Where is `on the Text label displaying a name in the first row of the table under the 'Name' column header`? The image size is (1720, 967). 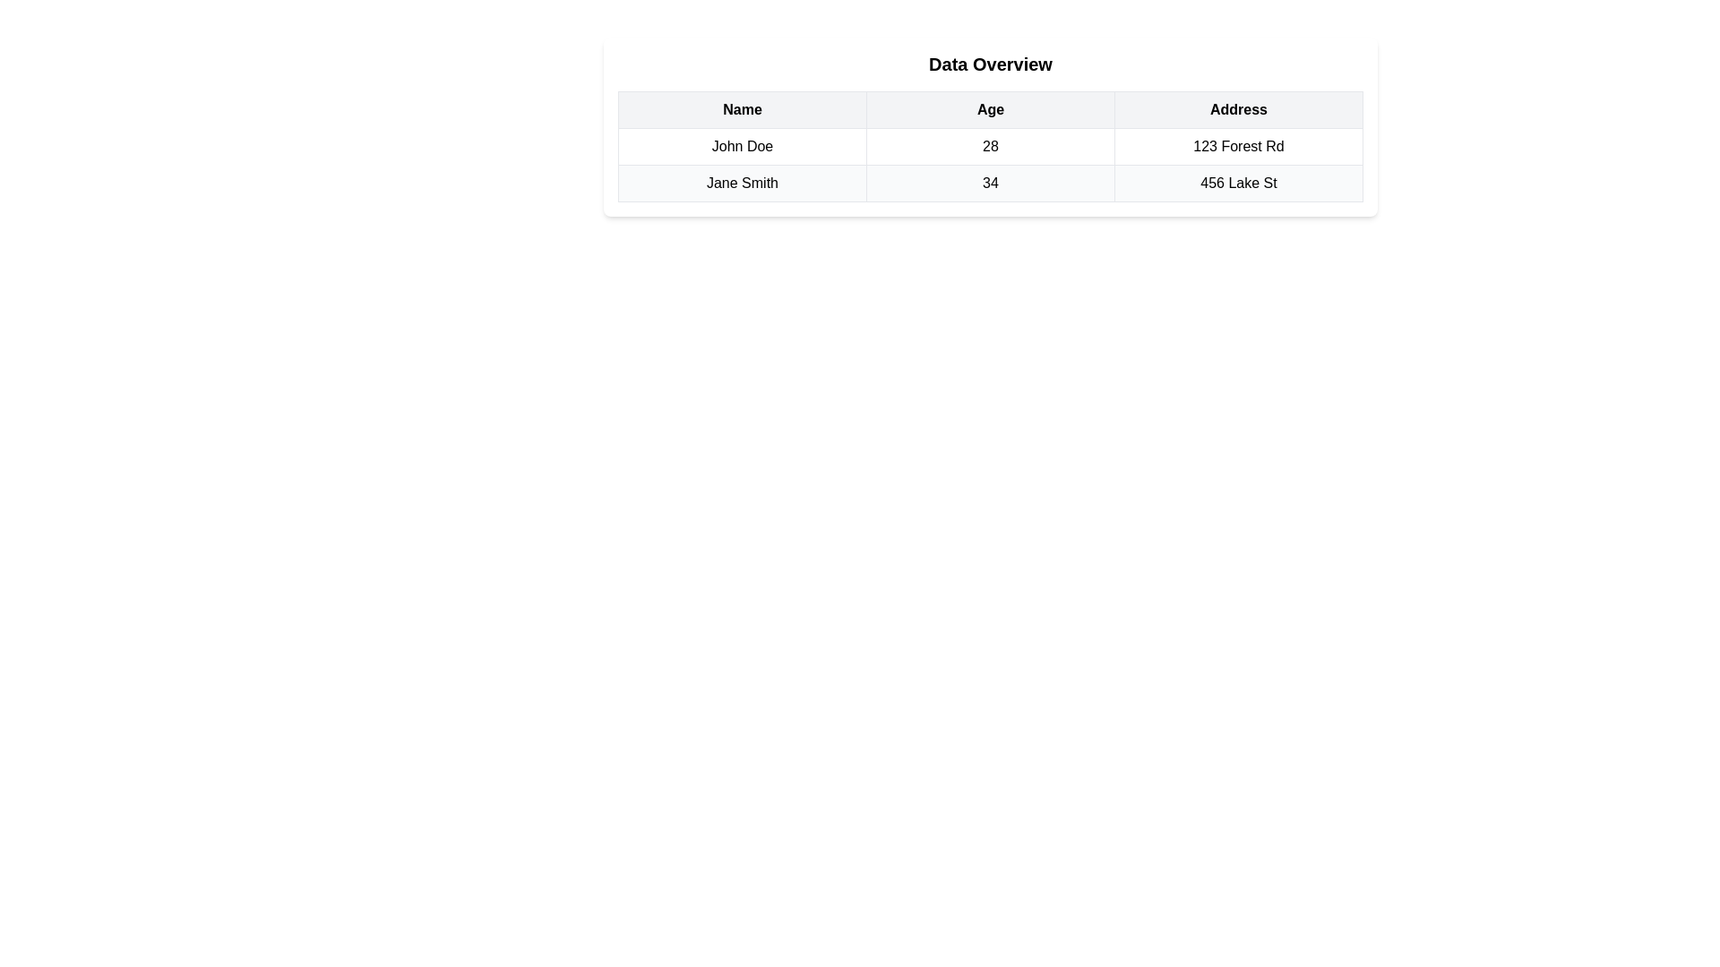 on the Text label displaying a name in the first row of the table under the 'Name' column header is located at coordinates (743, 146).